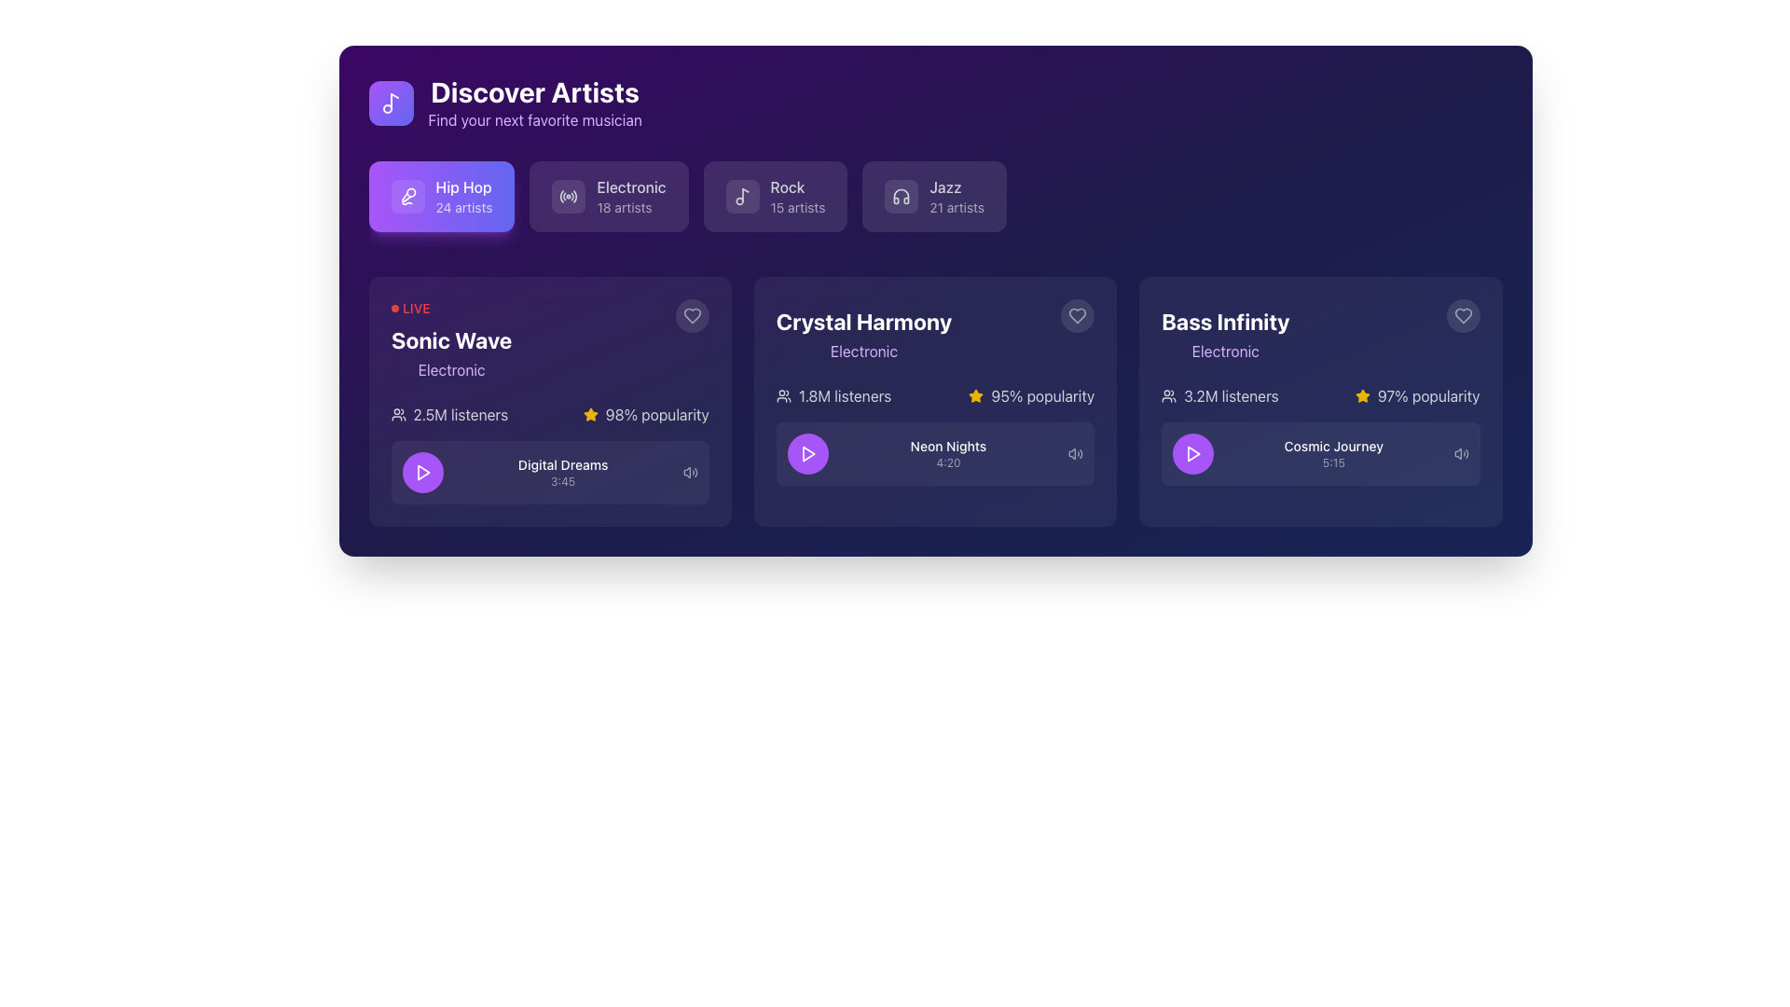 This screenshot has width=1790, height=1007. Describe the element at coordinates (464, 208) in the screenshot. I see `the information provided in the text label situated below the 'Hip Hop' category button, which indicates the number of associated items` at that location.